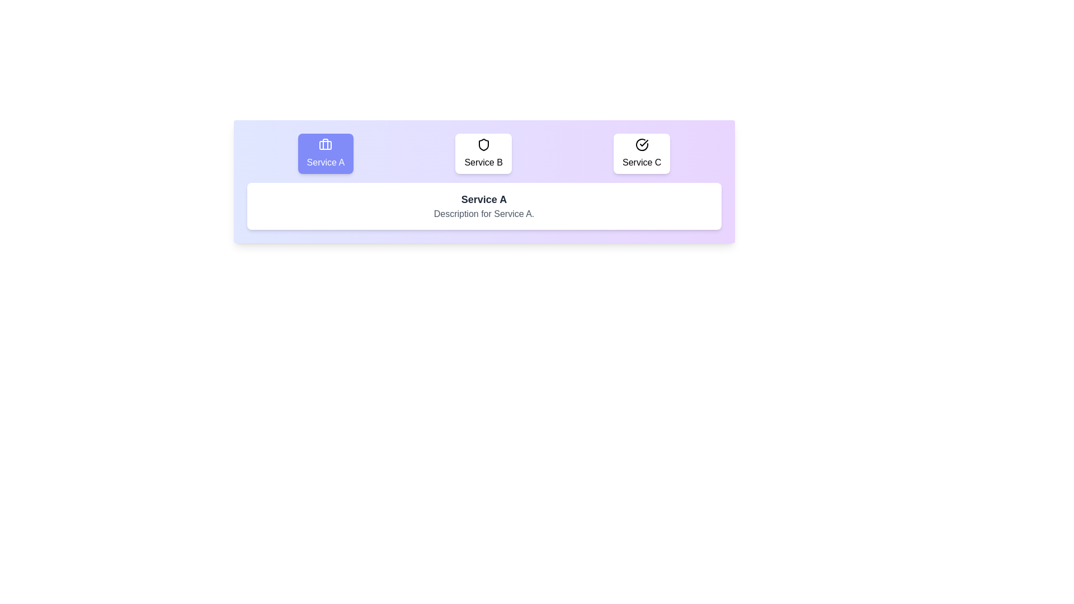 The width and height of the screenshot is (1074, 604). What do you see at coordinates (325, 162) in the screenshot?
I see `text label displaying 'Service A' which is in white font and located within a purple rounded rectangle background, centrally positioned below a briefcase icon` at bounding box center [325, 162].